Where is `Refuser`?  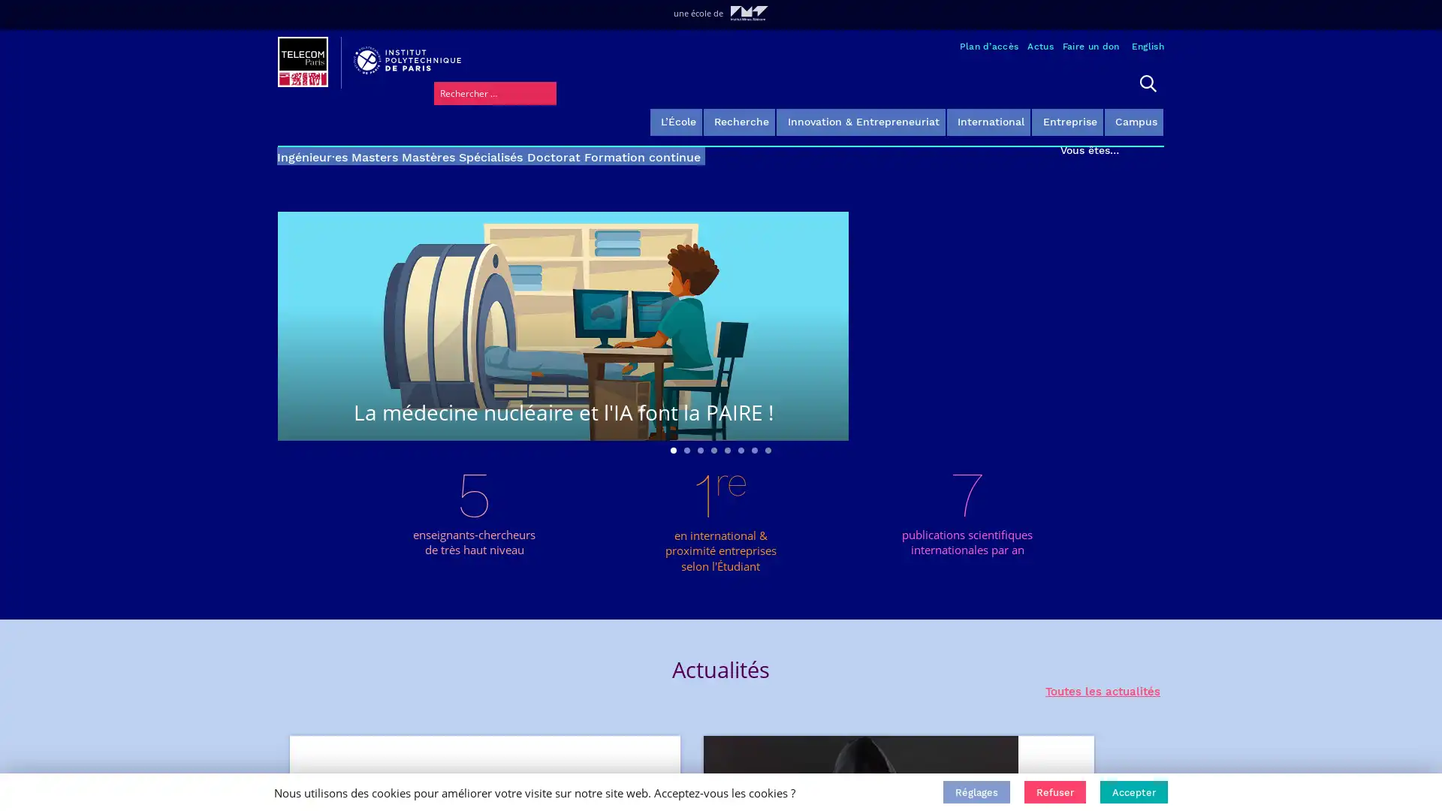 Refuser is located at coordinates (1054, 791).